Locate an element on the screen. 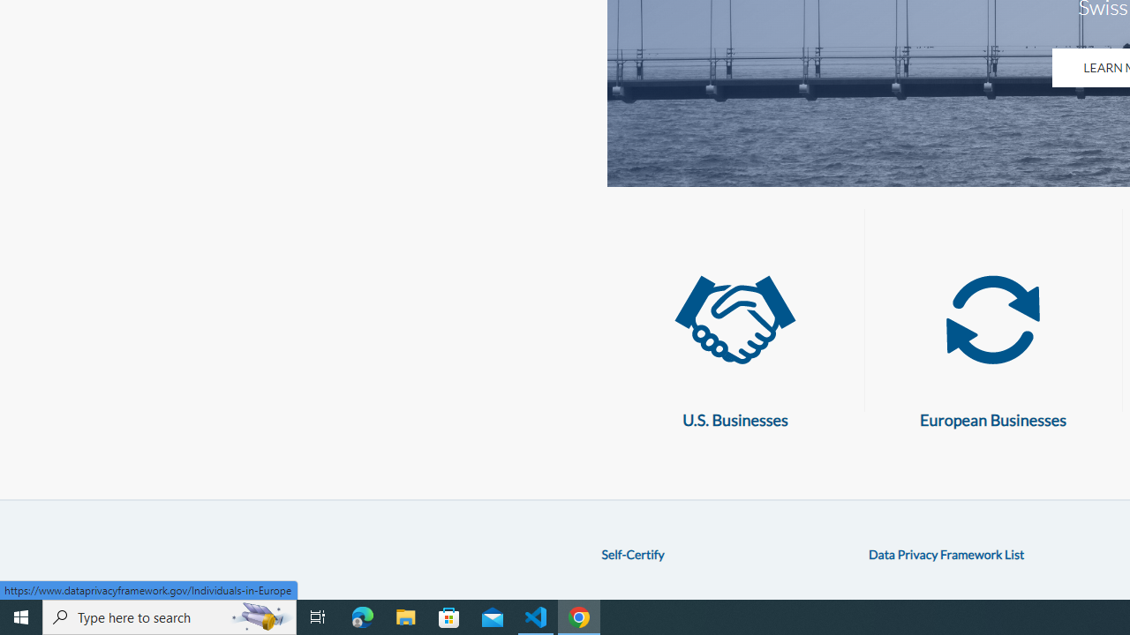 The image size is (1130, 635). 'Data Privacy Framework List' is located at coordinates (945, 553).